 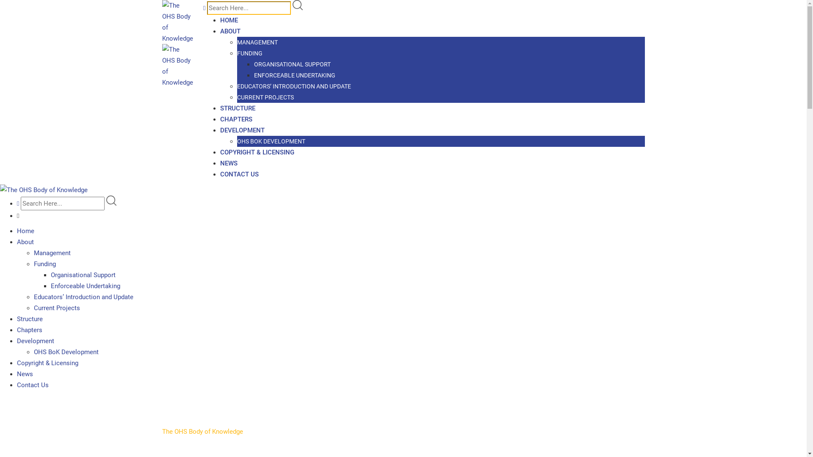 I want to click on 'COPYRIGHT & LICENSING', so click(x=257, y=151).